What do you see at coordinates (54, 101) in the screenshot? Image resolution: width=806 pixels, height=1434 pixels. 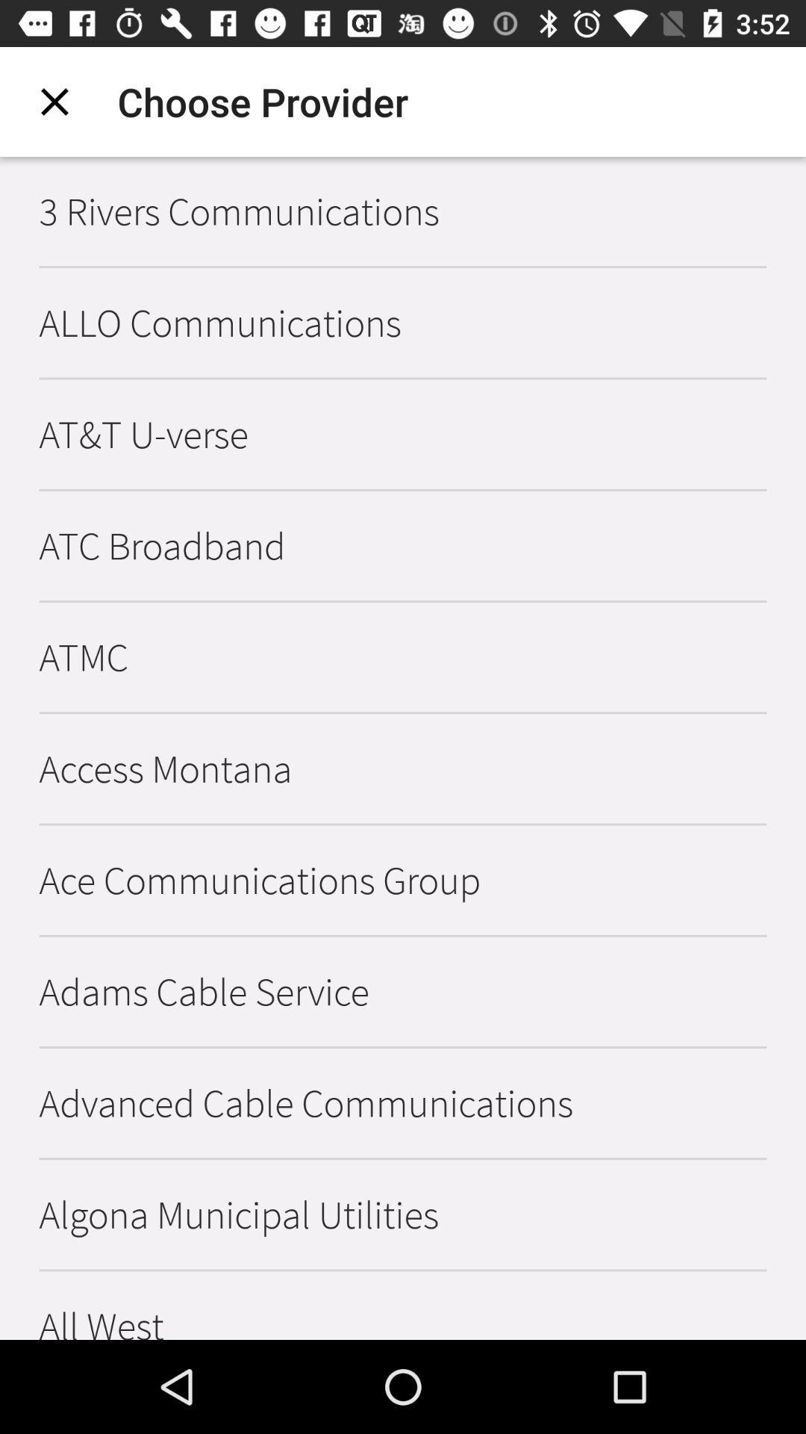 I see `the item to the left of choose provider` at bounding box center [54, 101].